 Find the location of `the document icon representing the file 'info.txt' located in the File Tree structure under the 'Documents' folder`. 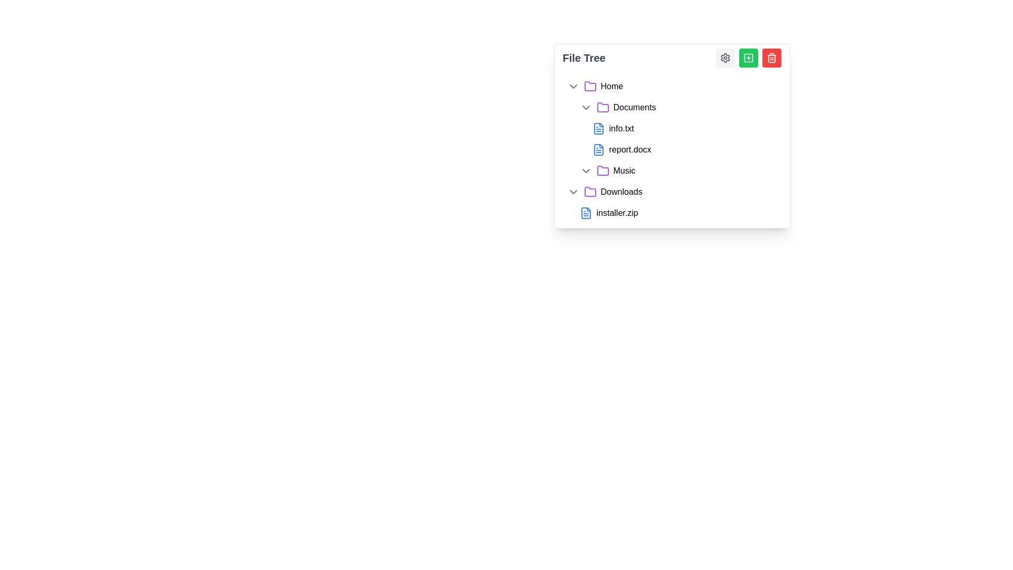

the document icon representing the file 'info.txt' located in the File Tree structure under the 'Documents' folder is located at coordinates (598, 128).